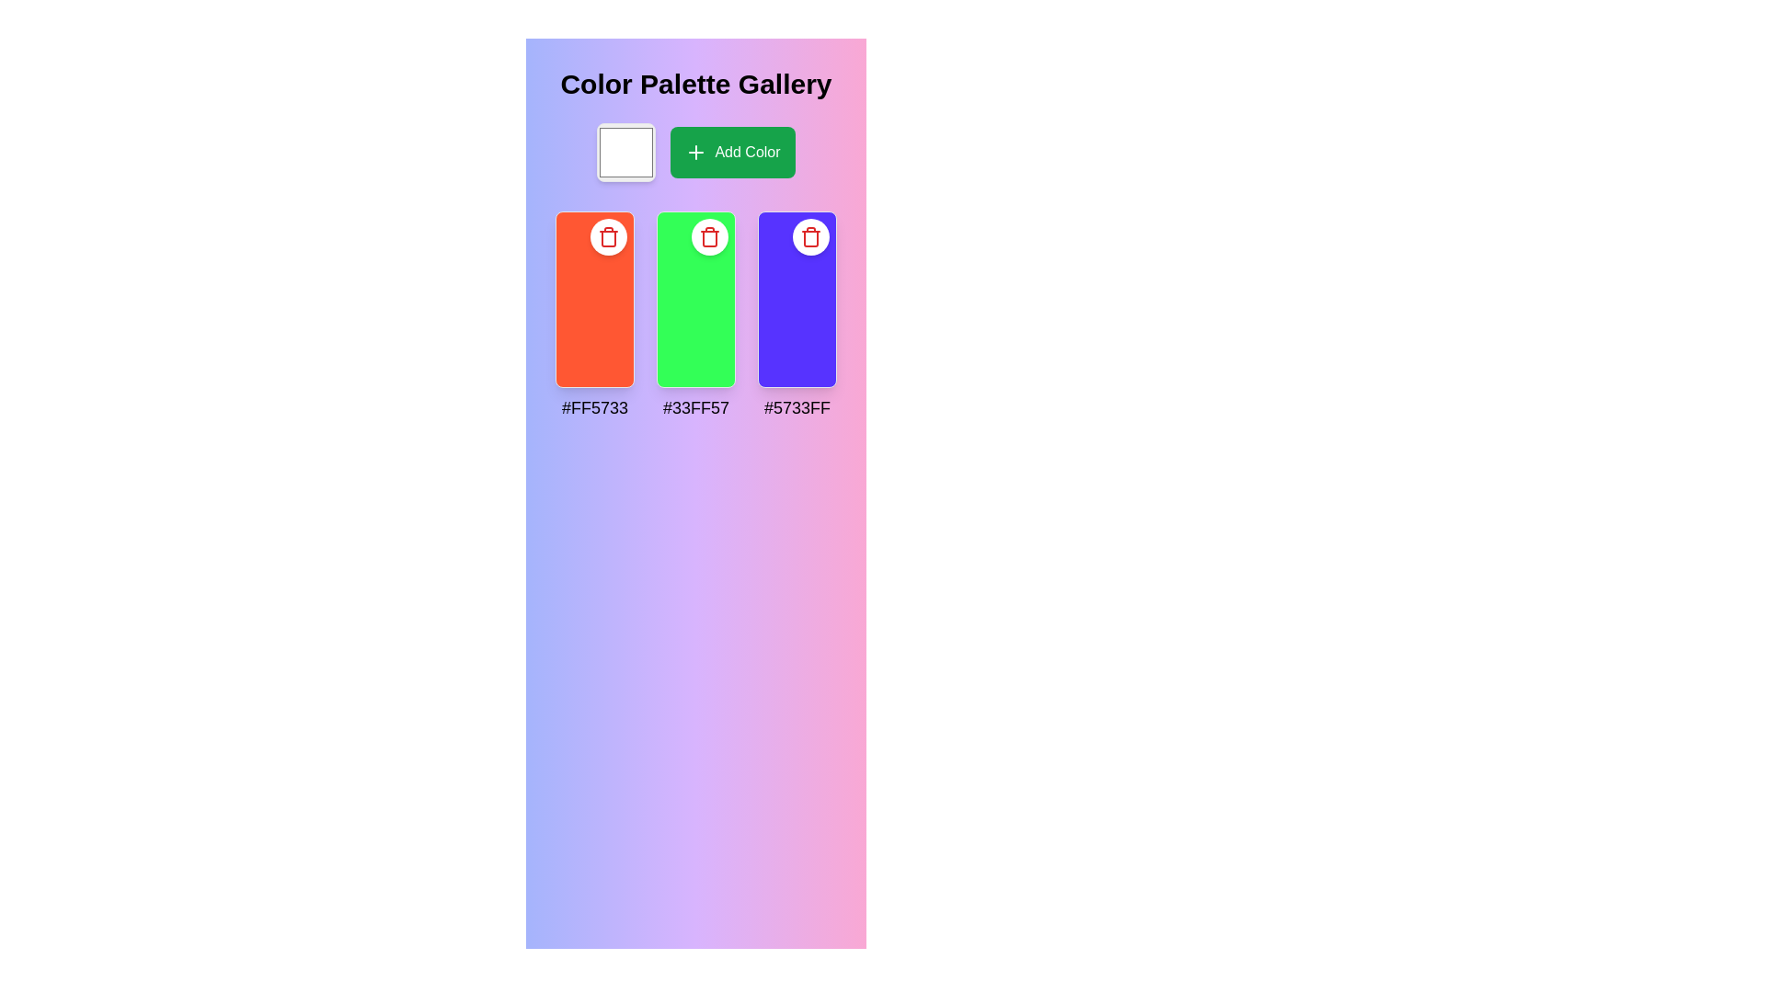  I want to click on hexadecimal color code displayed in the text label located below the colored rectangle in the first color card of the leftmost column of the color palette grid, so click(595, 406).